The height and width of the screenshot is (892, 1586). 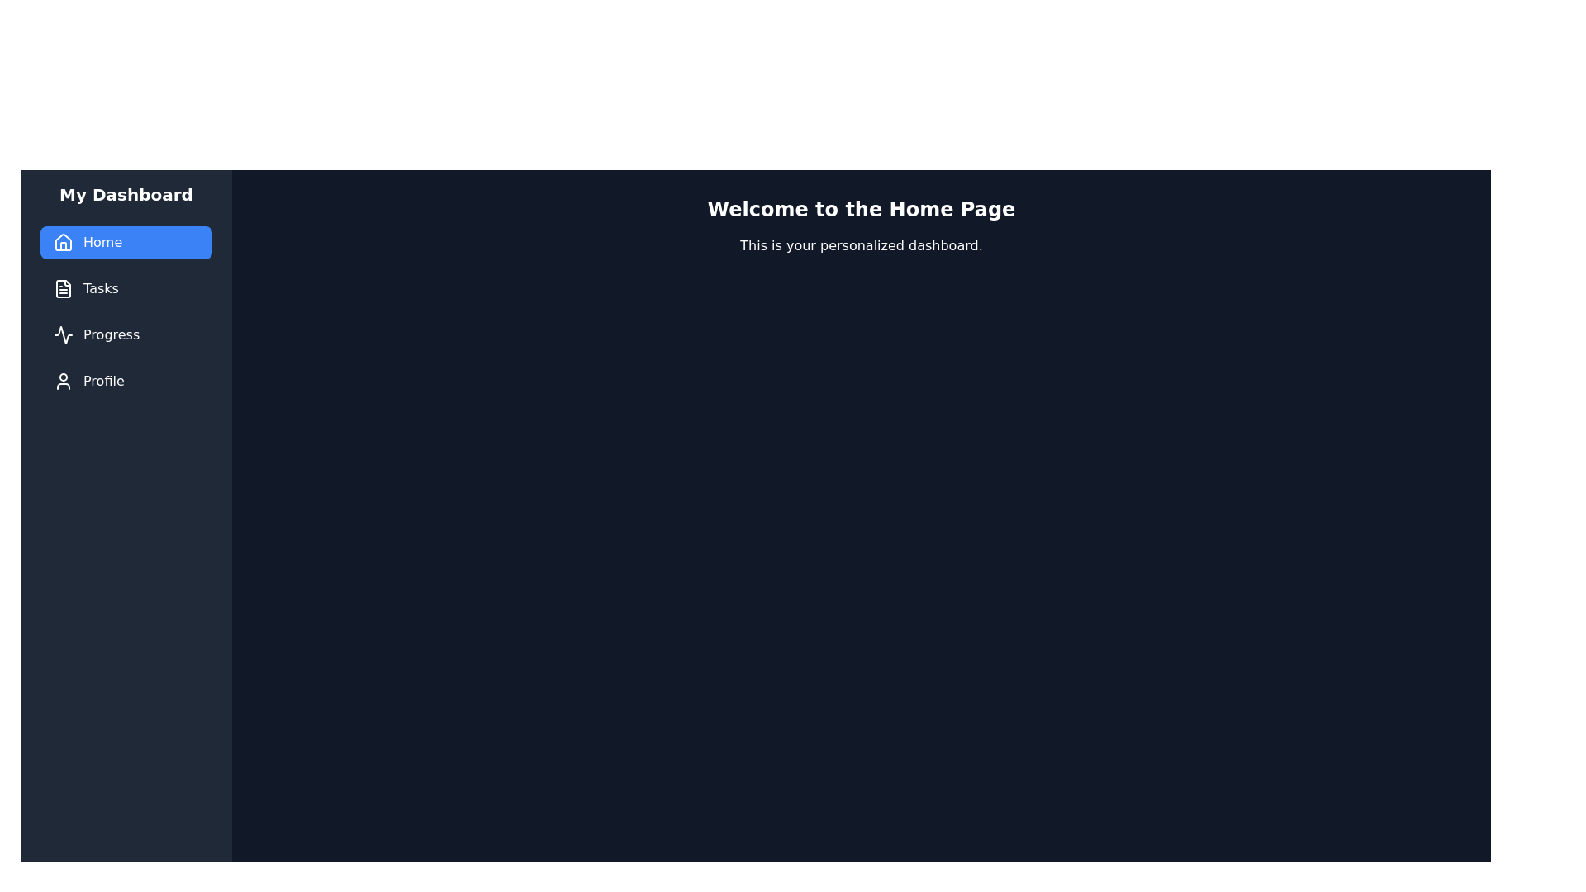 What do you see at coordinates (63, 334) in the screenshot?
I see `the 'Progress' icon in the sidebar navigation menu` at bounding box center [63, 334].